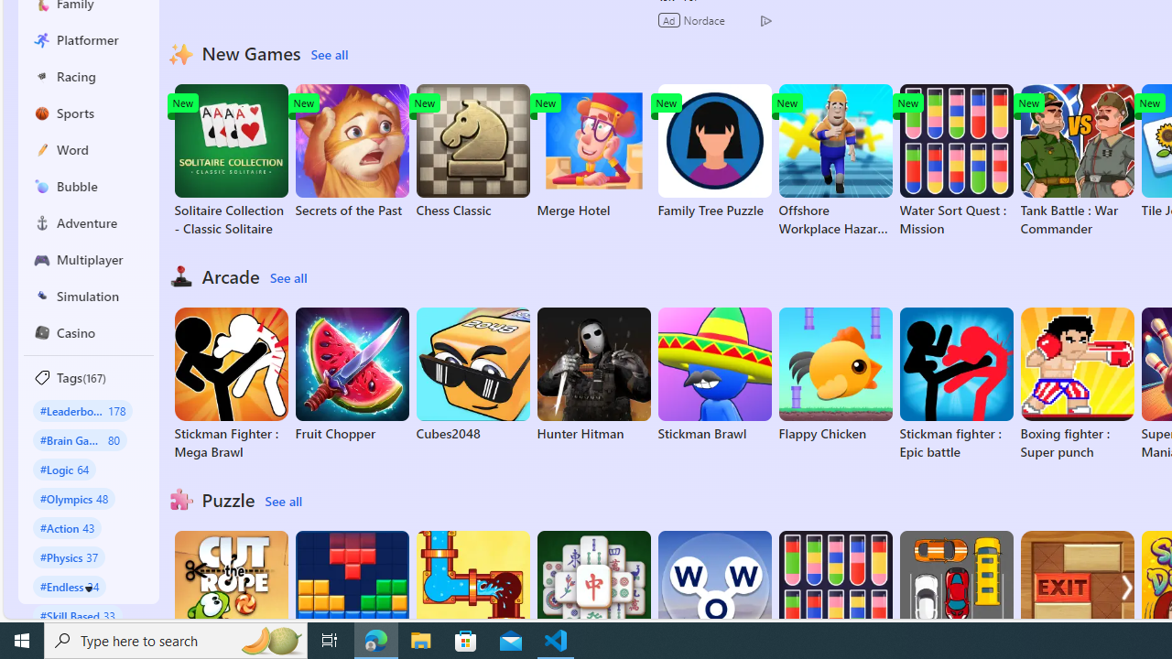  What do you see at coordinates (70, 586) in the screenshot?
I see `'#Endless 34'` at bounding box center [70, 586].